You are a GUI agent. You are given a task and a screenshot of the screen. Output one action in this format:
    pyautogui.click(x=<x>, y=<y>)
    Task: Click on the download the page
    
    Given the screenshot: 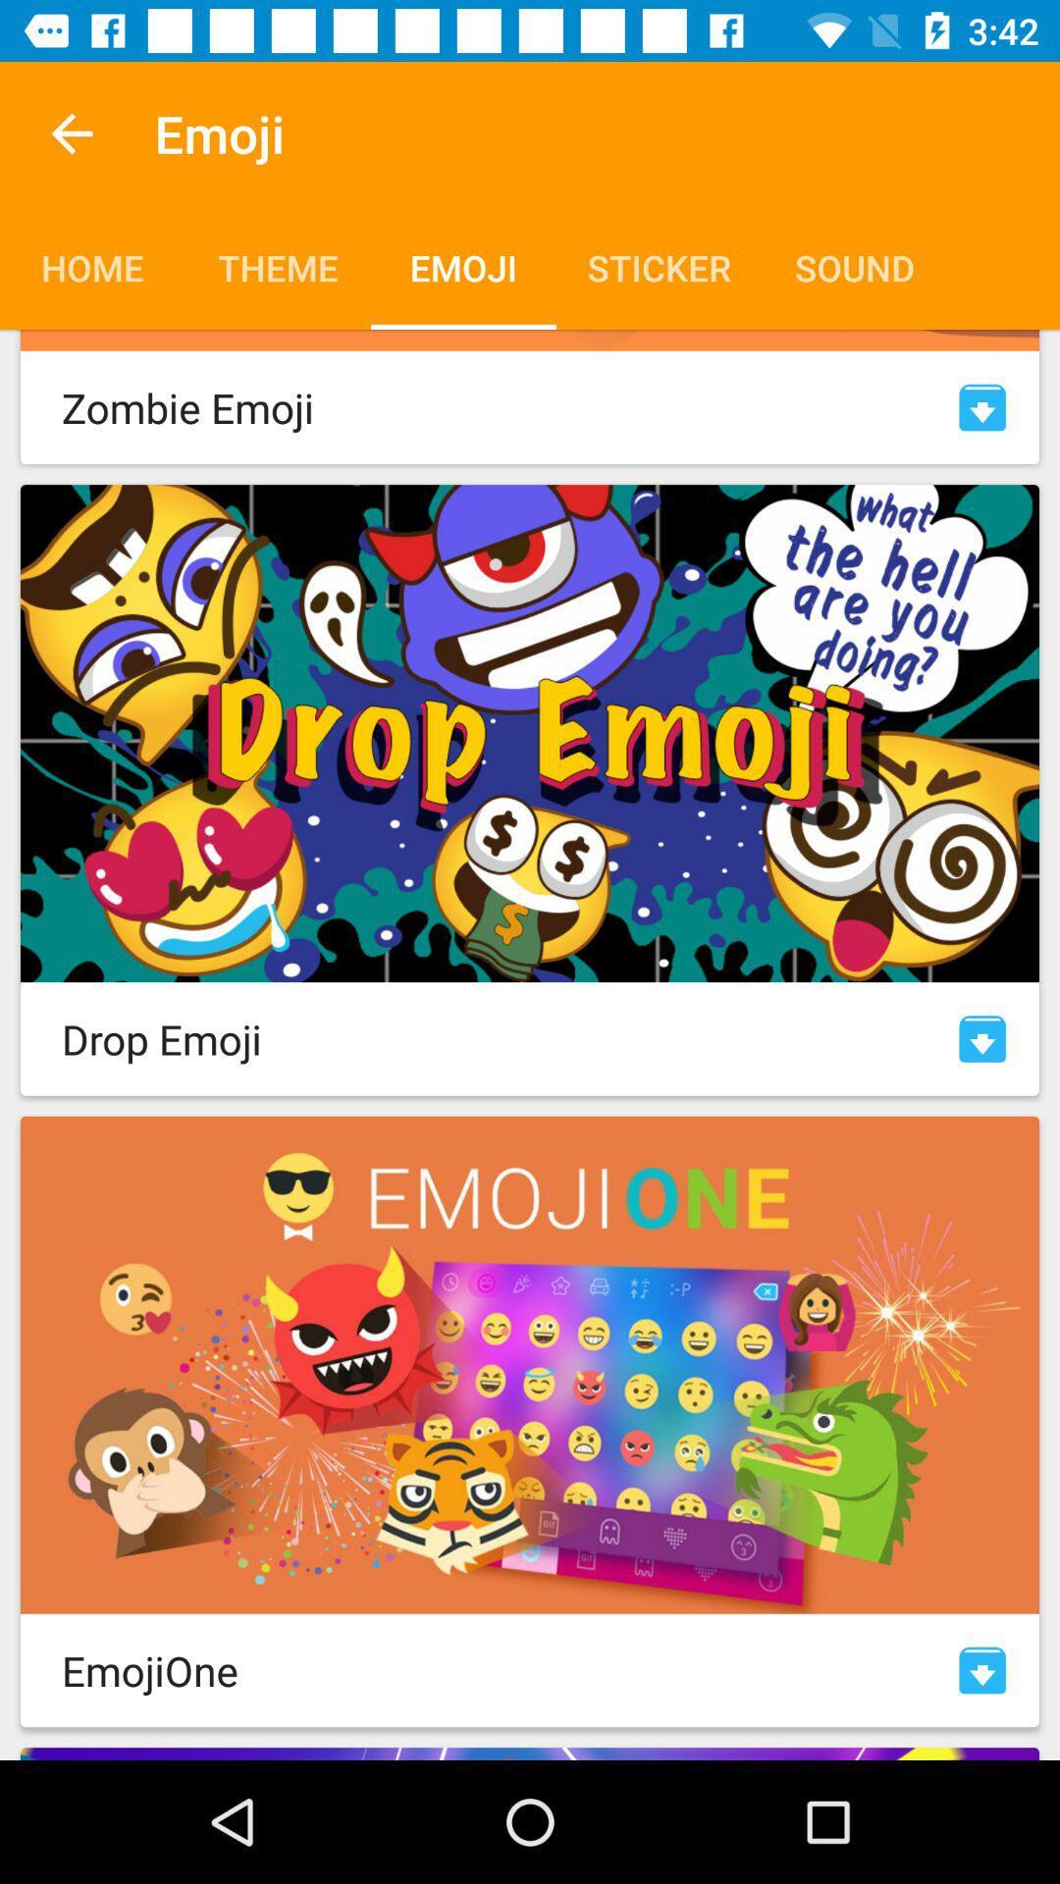 What is the action you would take?
    pyautogui.click(x=982, y=406)
    